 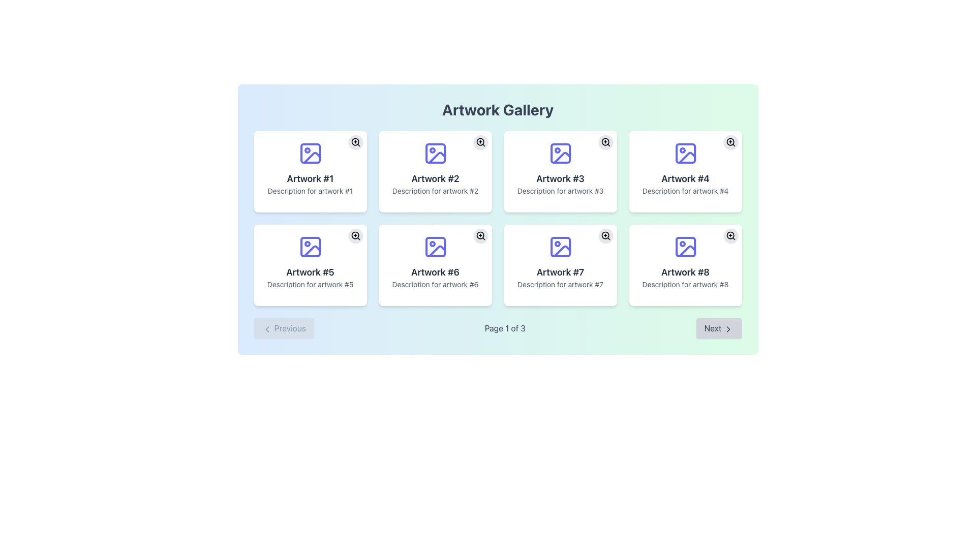 What do you see at coordinates (728, 329) in the screenshot?
I see `the chevron arrow icon located in the bottom-right corner of the interface` at bounding box center [728, 329].